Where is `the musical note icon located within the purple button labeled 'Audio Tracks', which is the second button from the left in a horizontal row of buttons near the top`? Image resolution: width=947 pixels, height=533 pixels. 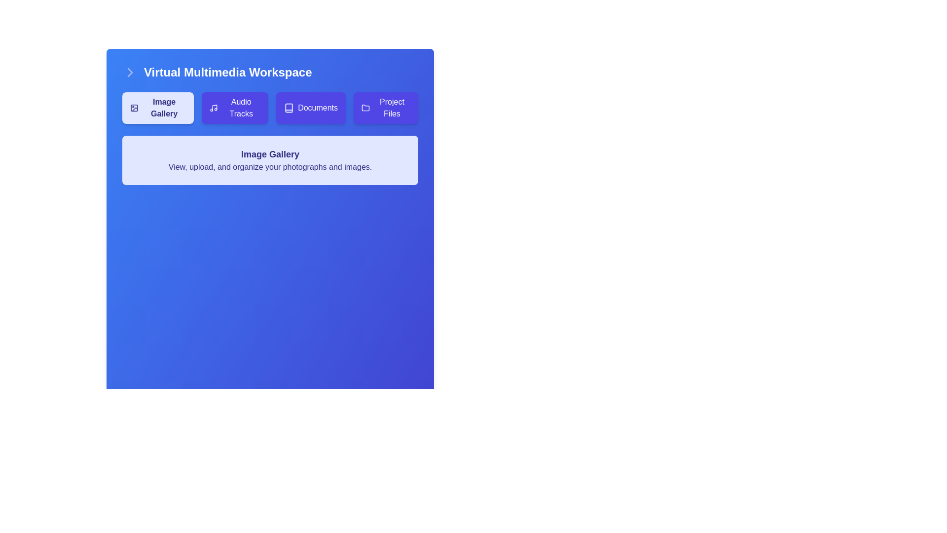 the musical note icon located within the purple button labeled 'Audio Tracks', which is the second button from the left in a horizontal row of buttons near the top is located at coordinates (214, 107).